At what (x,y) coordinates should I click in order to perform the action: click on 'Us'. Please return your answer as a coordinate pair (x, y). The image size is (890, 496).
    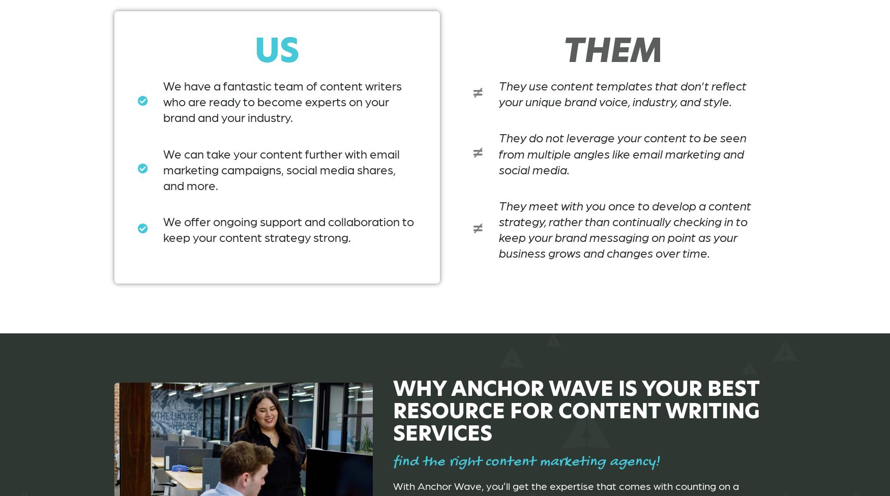
    Looking at the image, I should click on (276, 50).